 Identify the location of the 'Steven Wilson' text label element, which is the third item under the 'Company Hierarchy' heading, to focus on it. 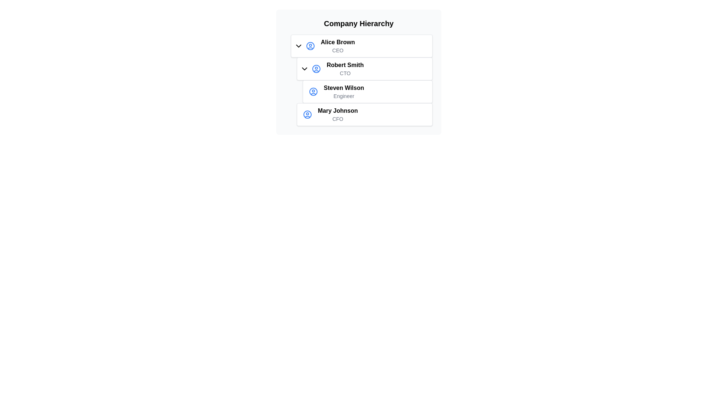
(343, 91).